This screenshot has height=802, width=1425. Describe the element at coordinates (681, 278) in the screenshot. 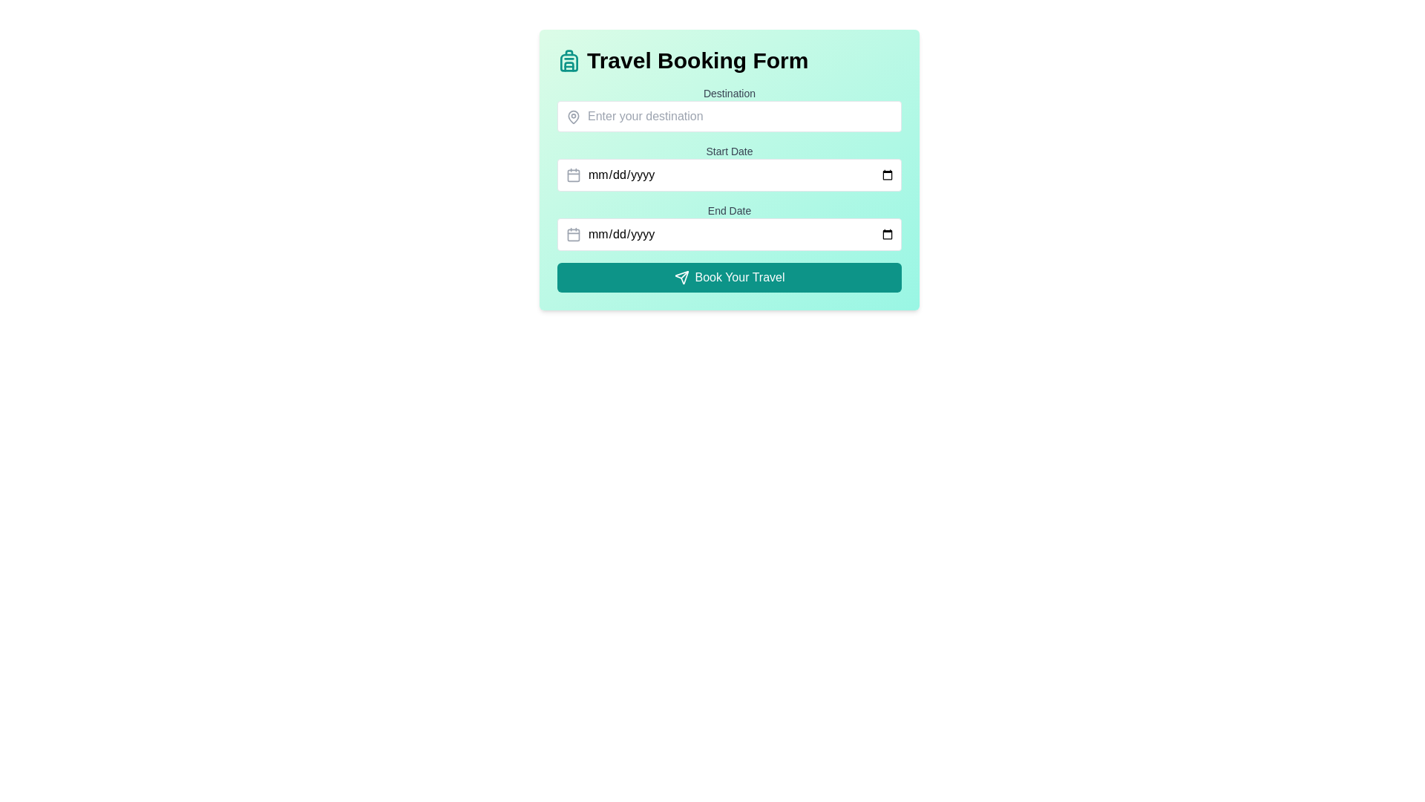

I see `the triangular-shaped icon resembling a paper plane, located to the left of the 'Book Your Travel' text within the button at the bottom of the travel booking form` at that location.